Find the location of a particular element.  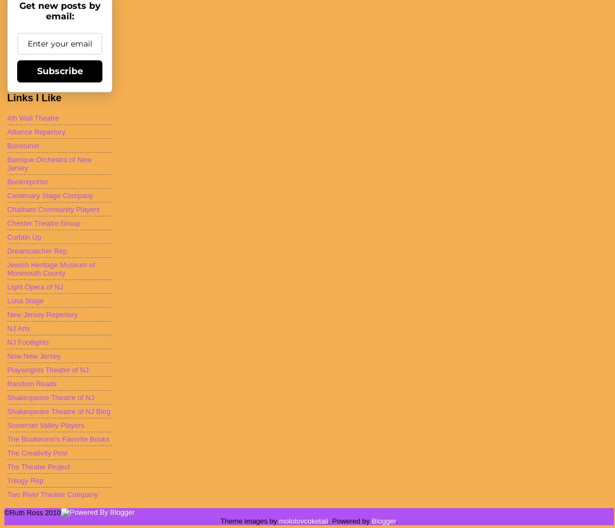

'The Theater Project' is located at coordinates (38, 466).